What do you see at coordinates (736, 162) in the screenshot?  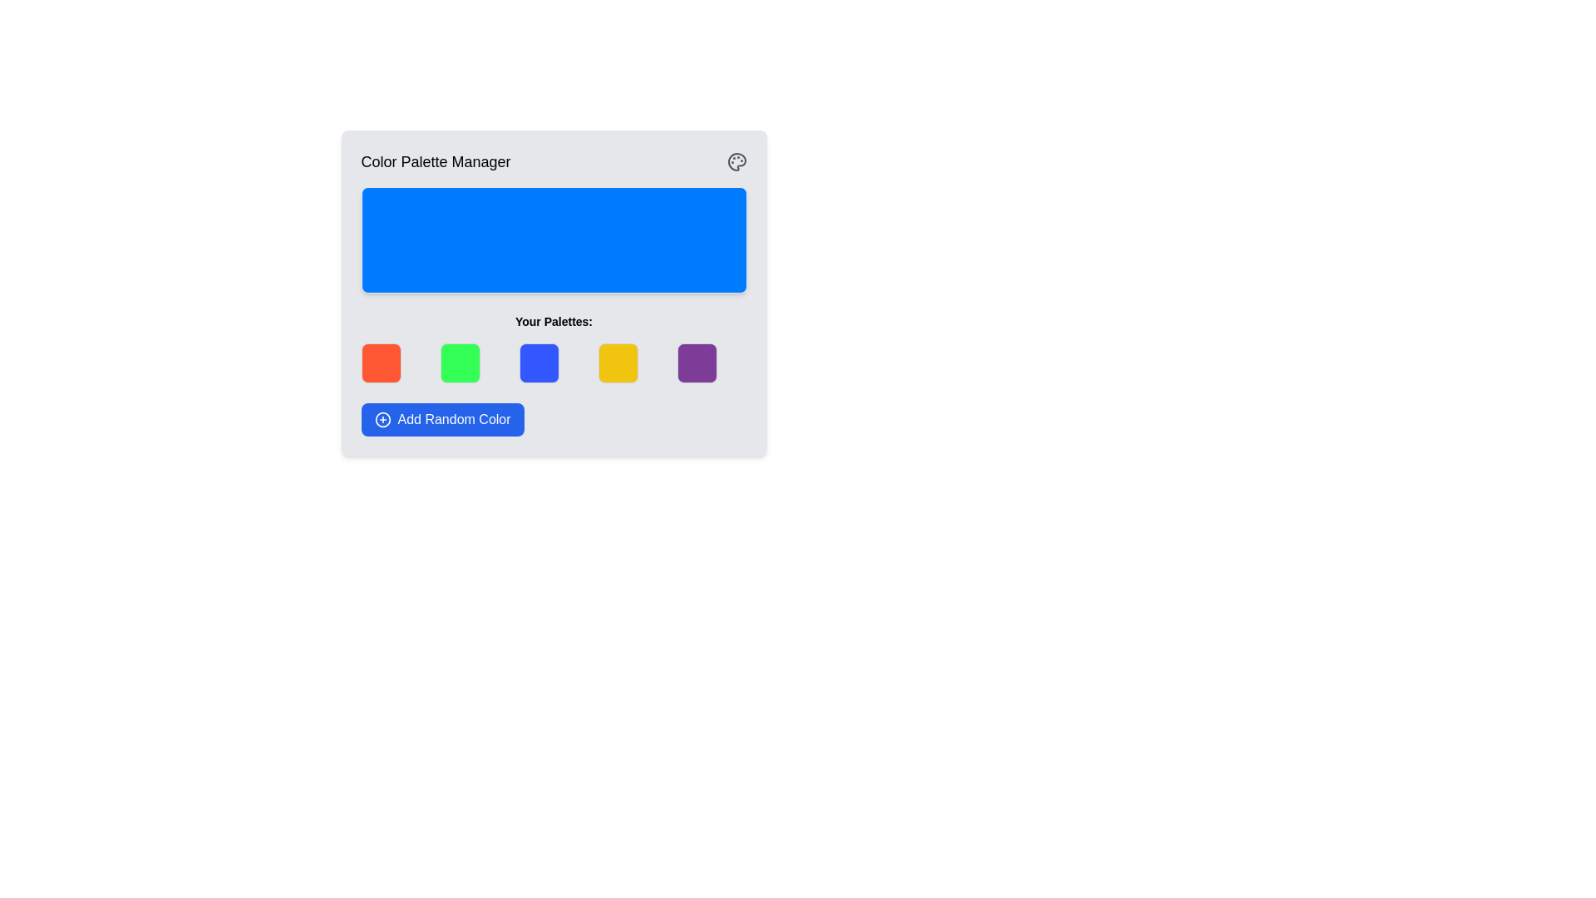 I see `the color palette icon located in the top-right corner of the 'Color Palette Manager' section, aligned with the title text` at bounding box center [736, 162].